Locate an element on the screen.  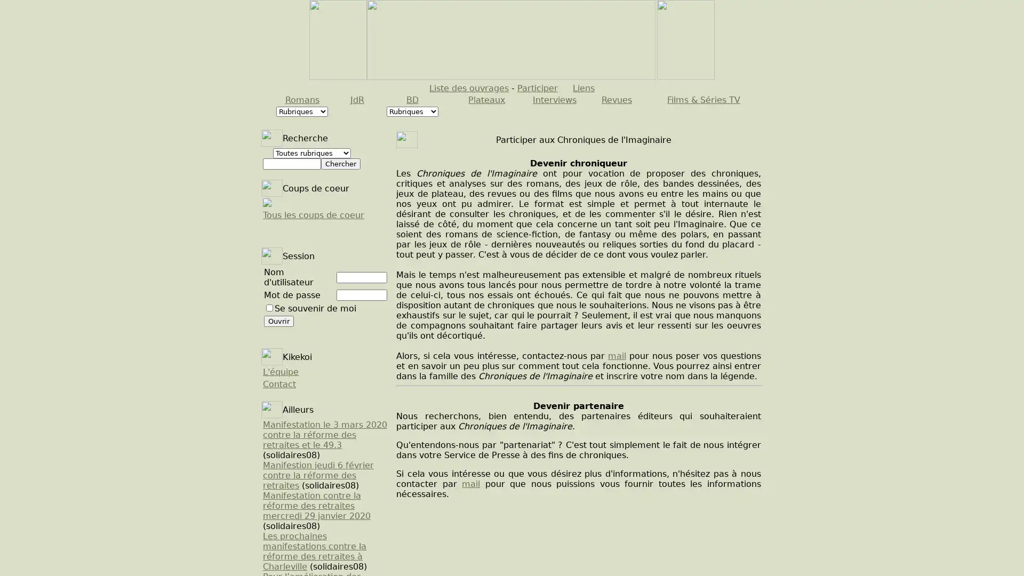
Chercher is located at coordinates (340, 164).